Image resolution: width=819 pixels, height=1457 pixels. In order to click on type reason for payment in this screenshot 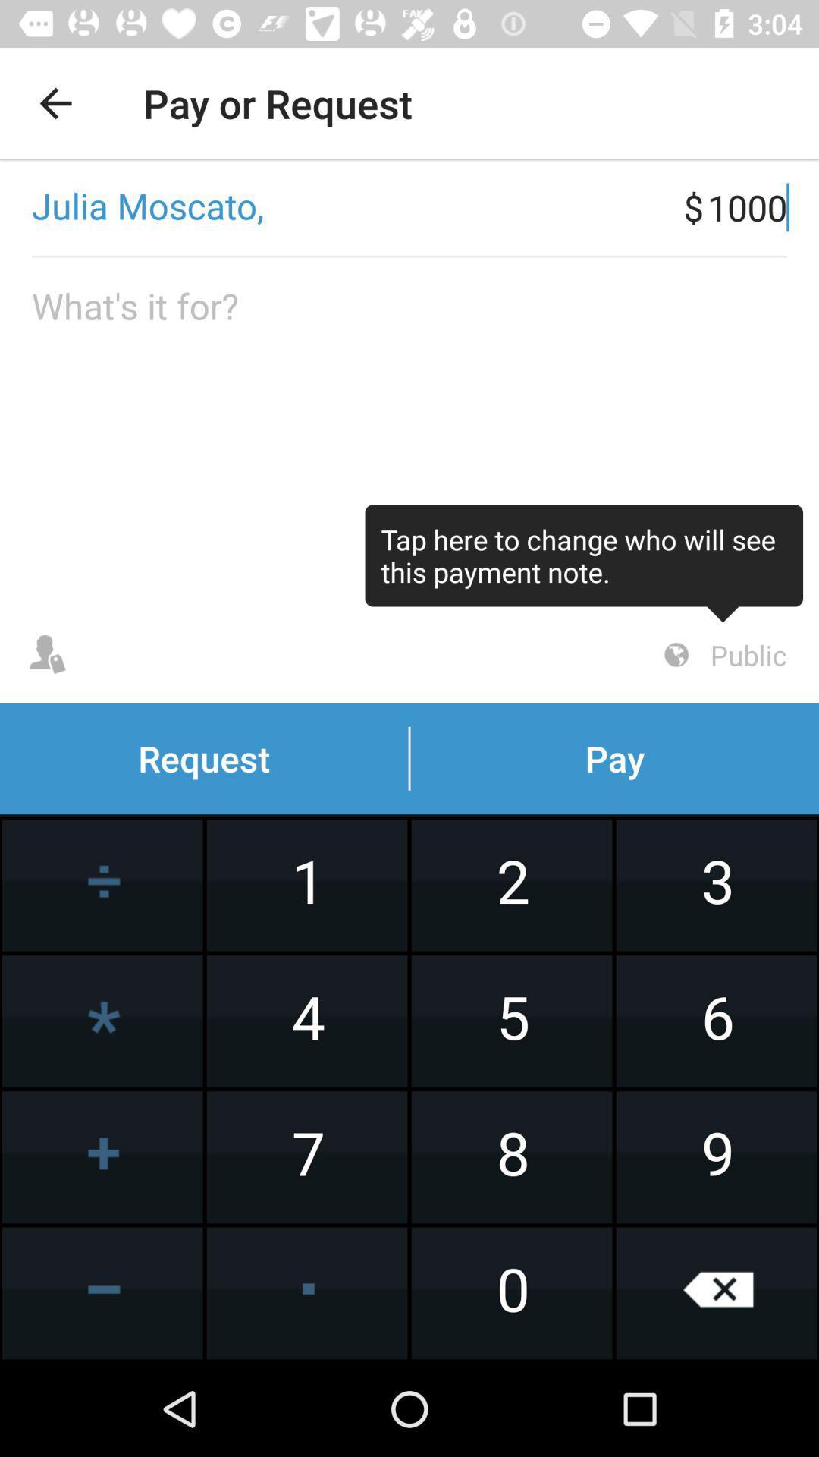, I will do `click(409, 432)`.